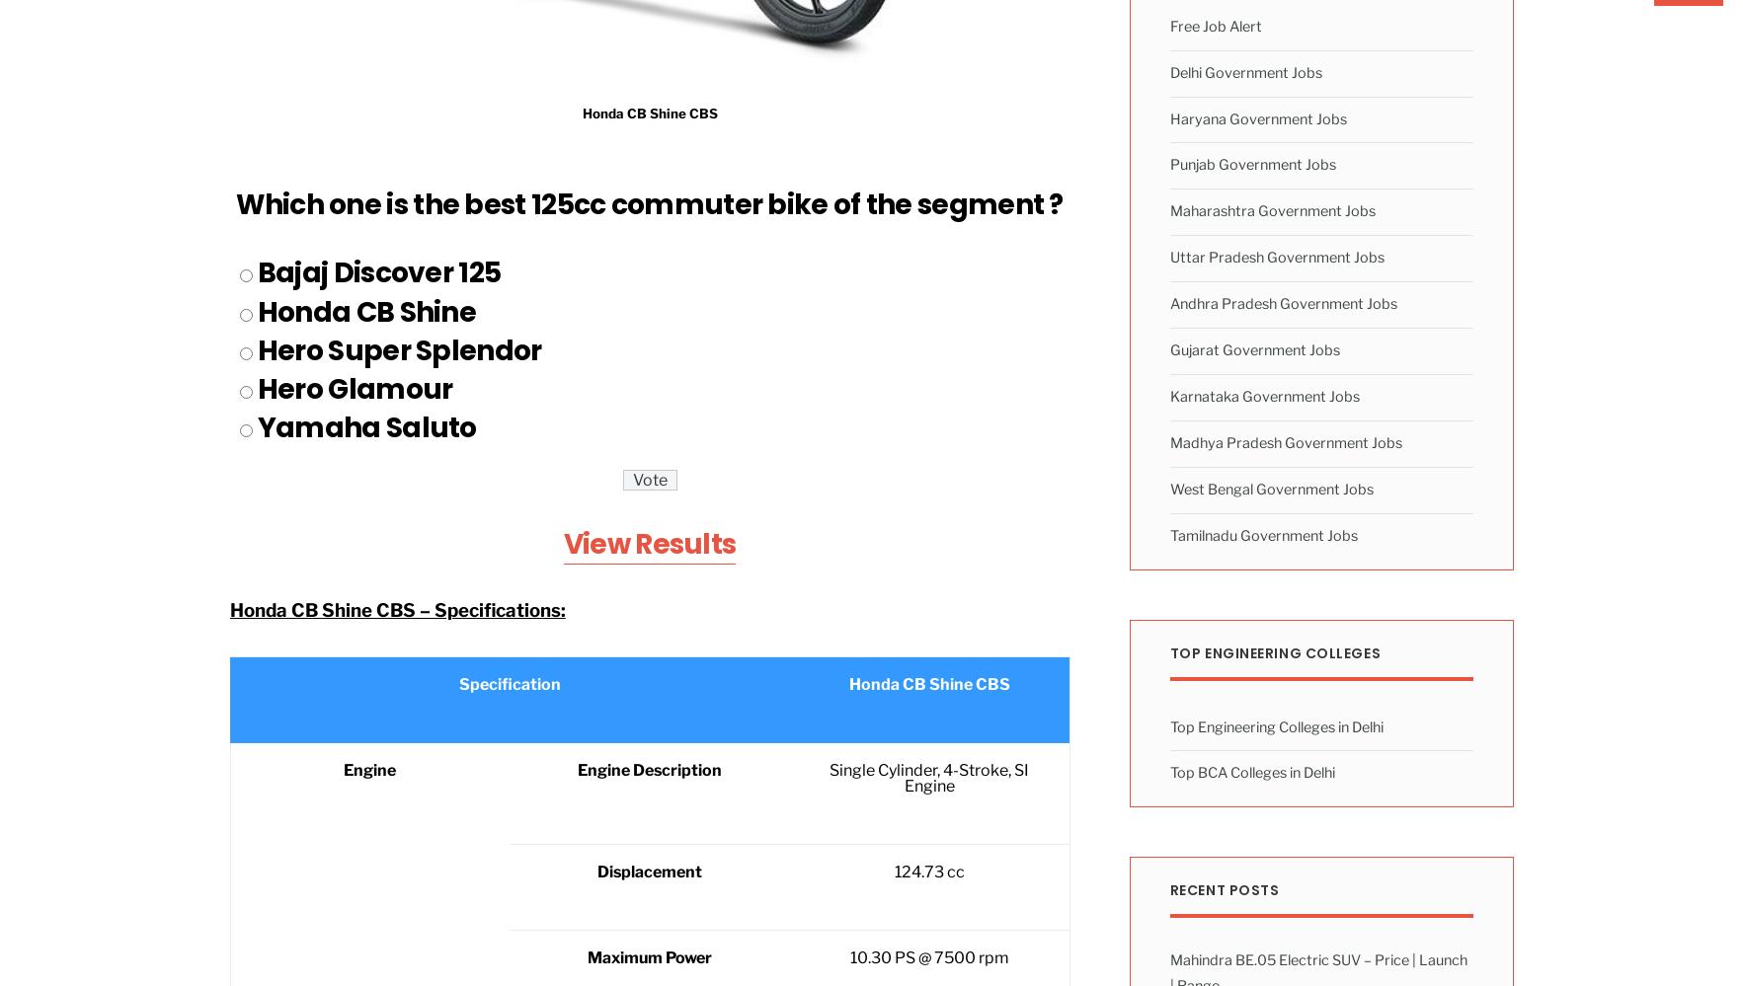 The image size is (1743, 986). What do you see at coordinates (1275, 724) in the screenshot?
I see `'Top Engineering Colleges in Delhi'` at bounding box center [1275, 724].